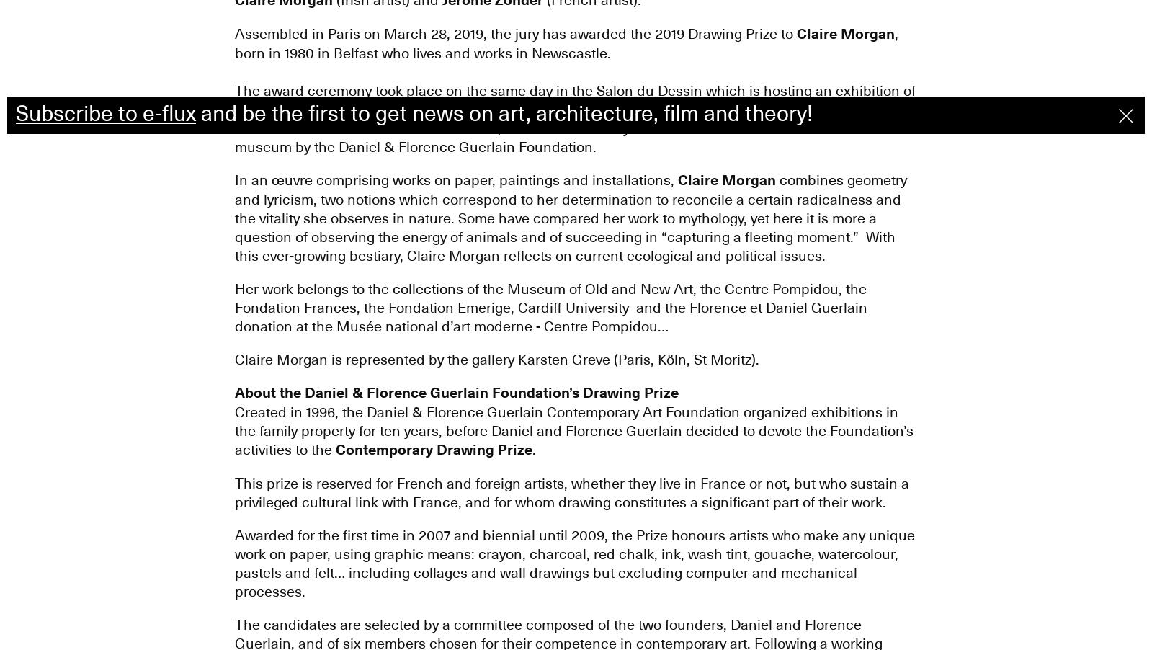  Describe the element at coordinates (40, 72) in the screenshot. I see `'Share'` at that location.